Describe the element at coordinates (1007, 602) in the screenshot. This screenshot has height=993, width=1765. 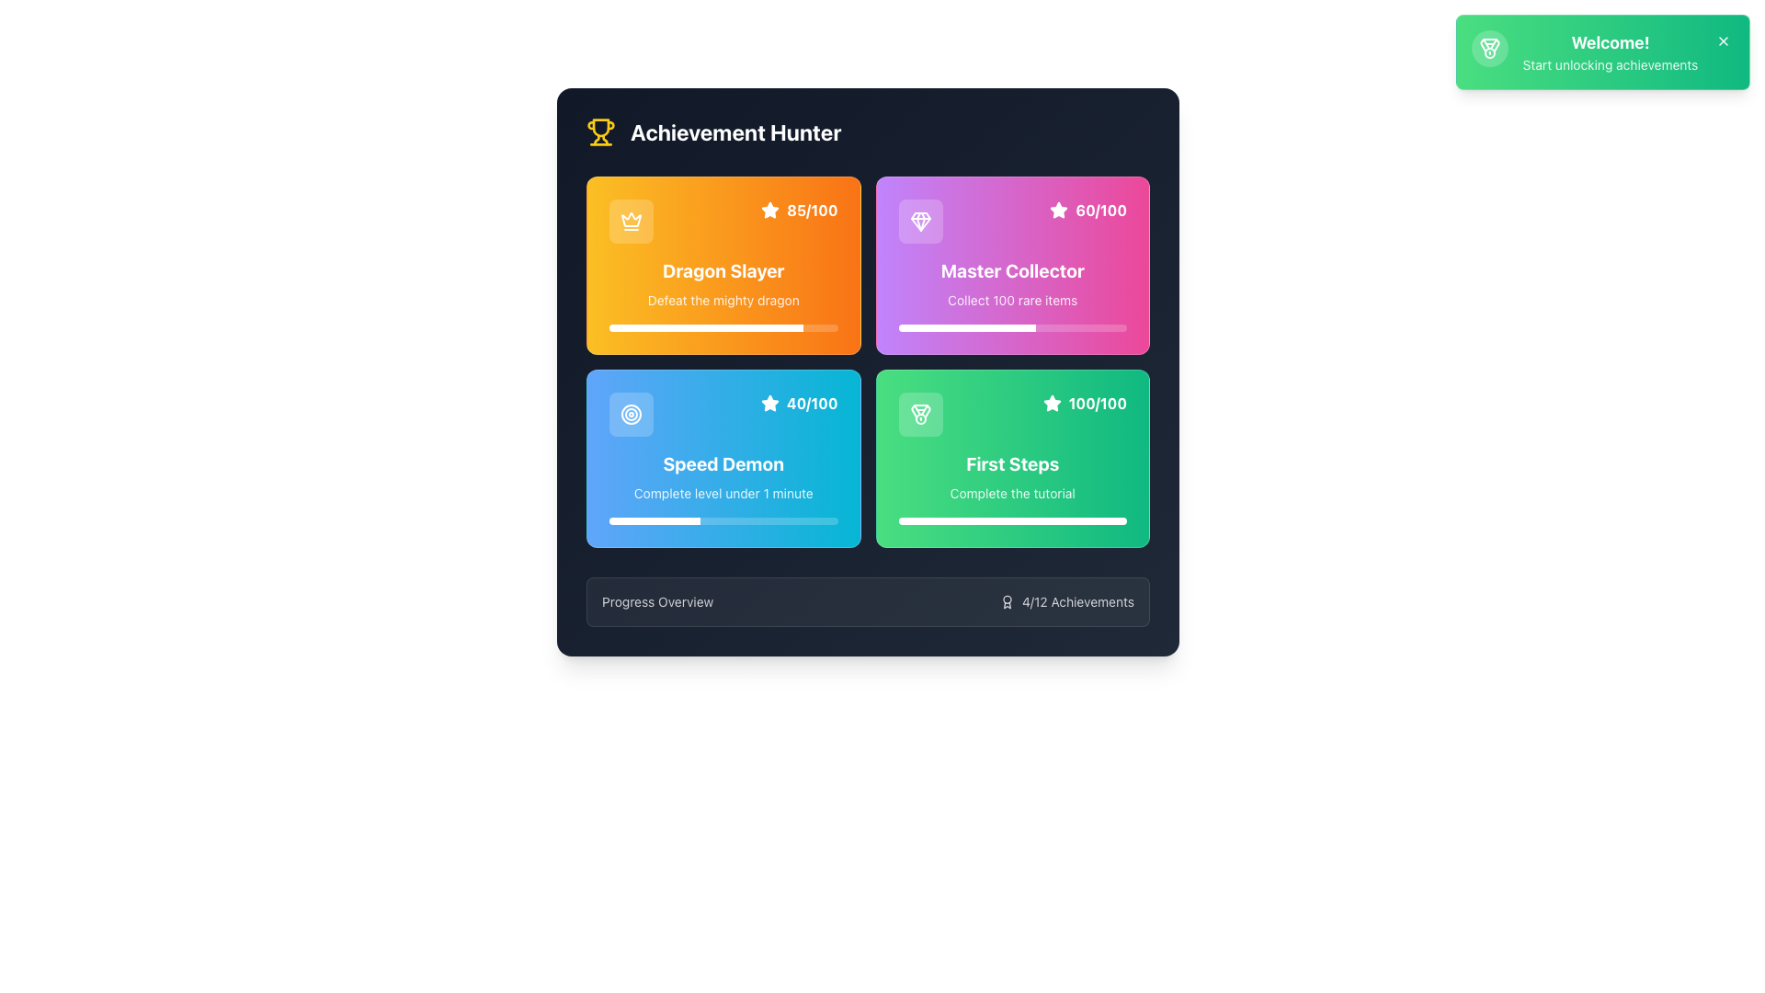
I see `the ribbon or medal icon associated with achievements located to the left of the text '4/12 Achievements' in the 'Progress Overview' card` at that location.